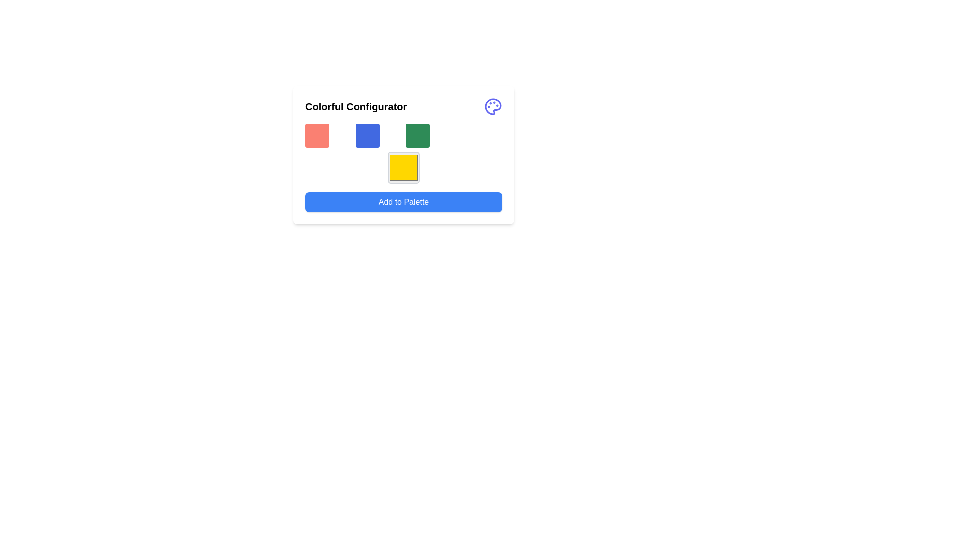  What do you see at coordinates (403, 202) in the screenshot?
I see `the button at the bottom of the 'Colorful Configurator' card to change its shade` at bounding box center [403, 202].